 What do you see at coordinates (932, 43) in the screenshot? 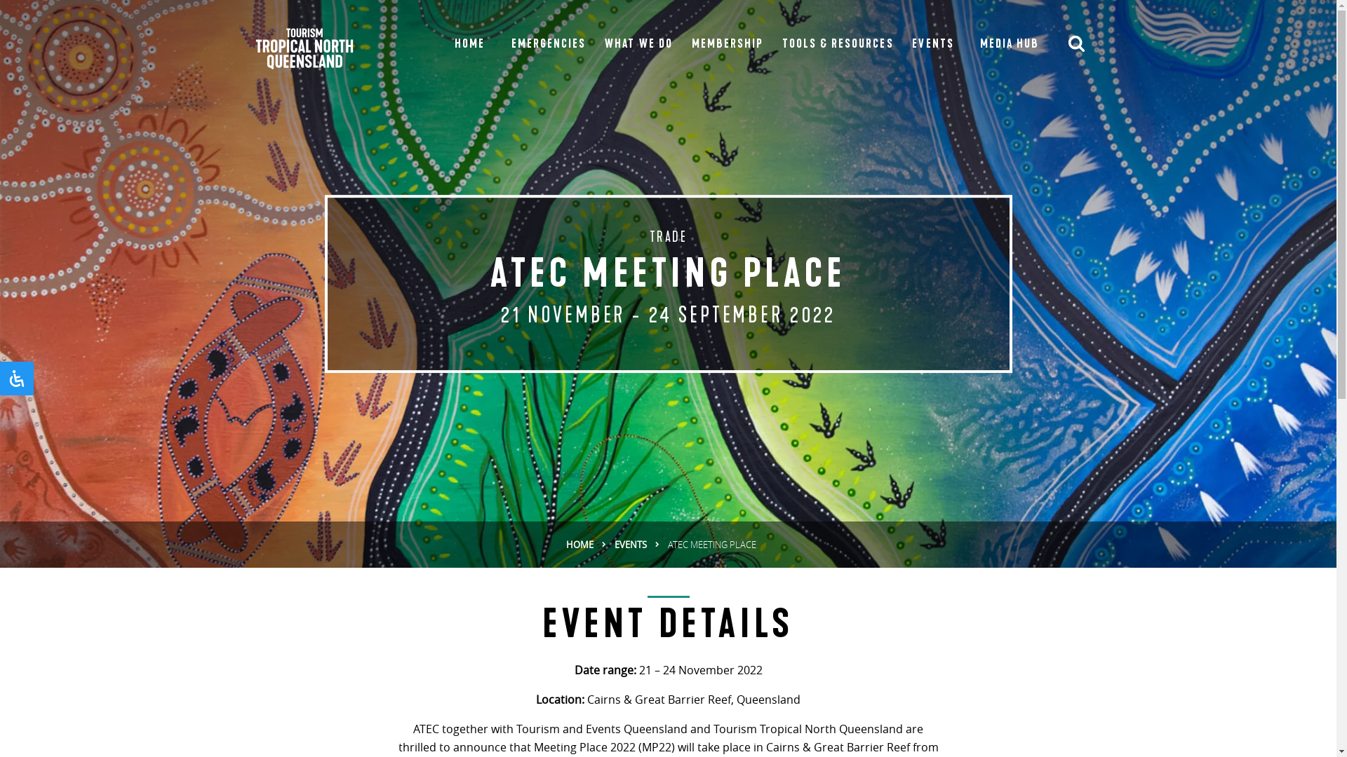
I see `'EVENTS'` at bounding box center [932, 43].